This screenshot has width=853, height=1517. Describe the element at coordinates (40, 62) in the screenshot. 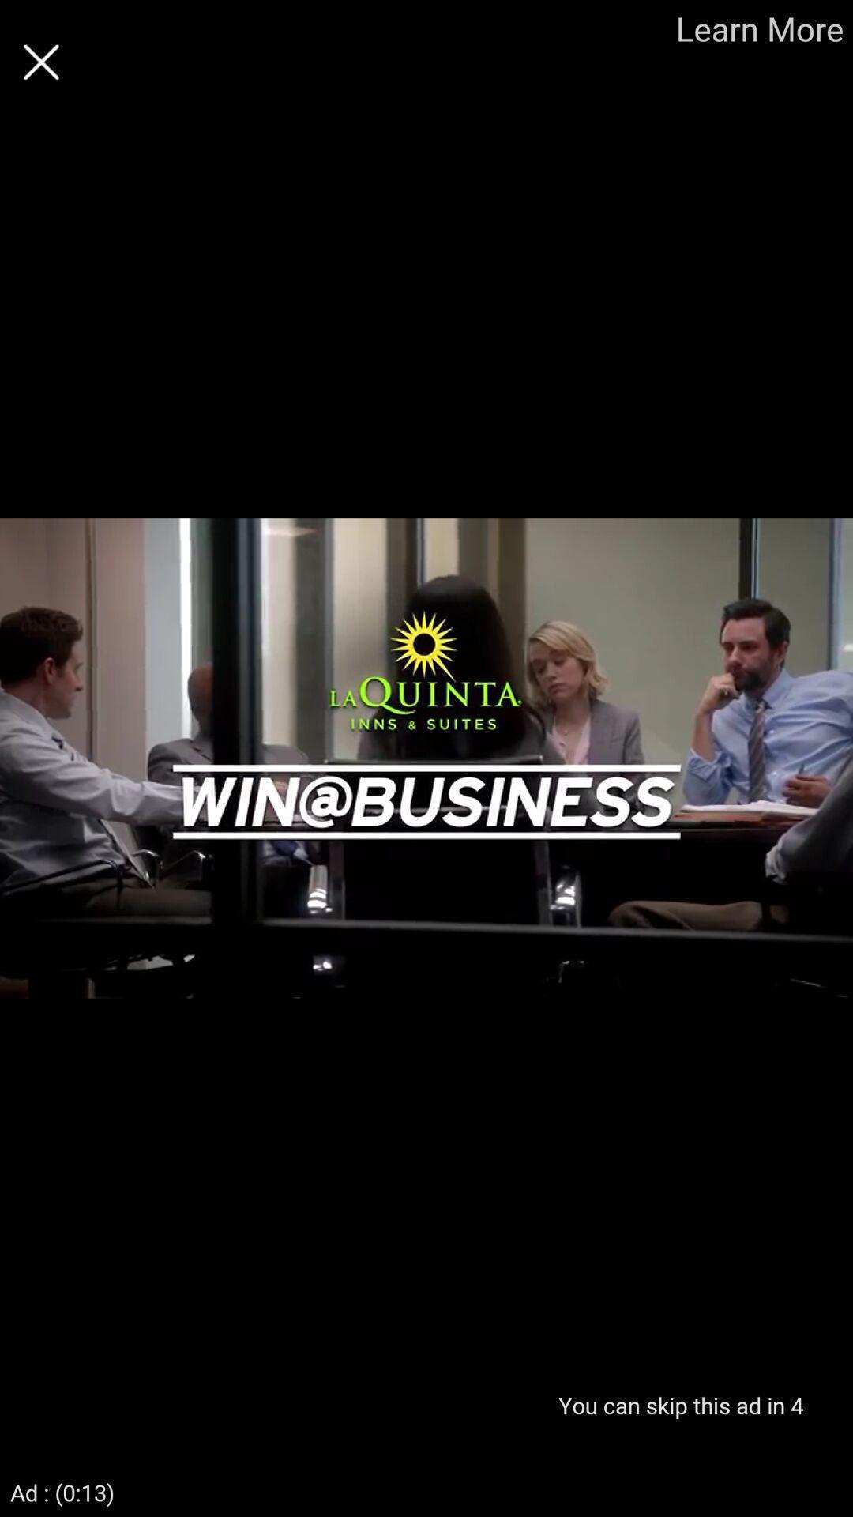

I see `close` at that location.